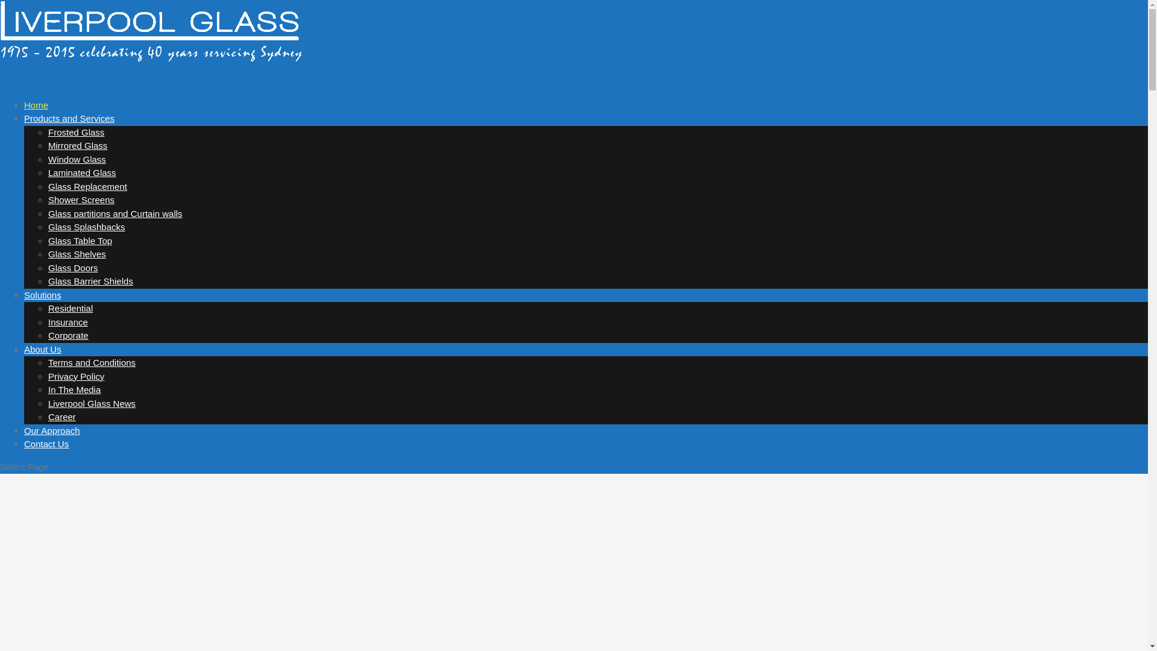 The image size is (1157, 651). Describe the element at coordinates (43, 360) in the screenshot. I see `'About Us'` at that location.